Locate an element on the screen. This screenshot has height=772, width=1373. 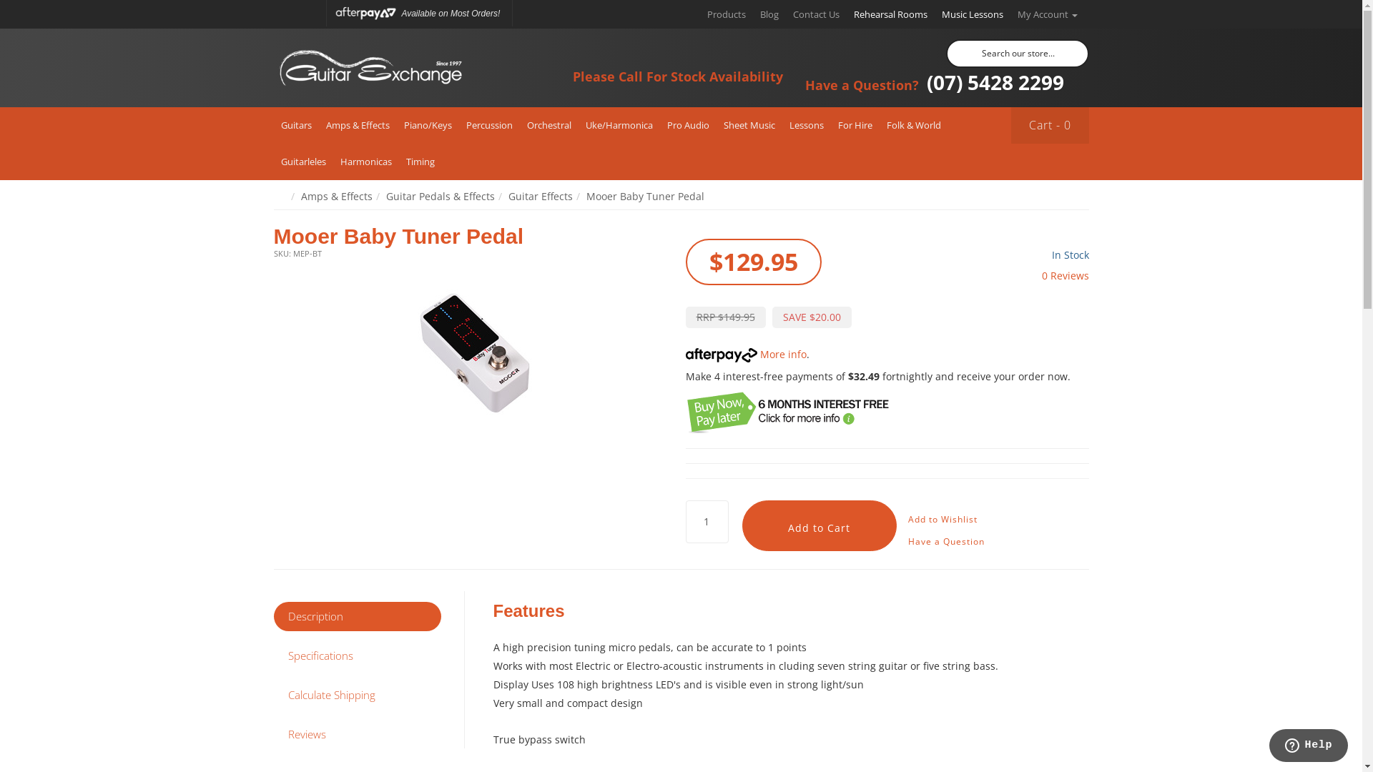
'Rehearsal Rooms' is located at coordinates (847, 14).